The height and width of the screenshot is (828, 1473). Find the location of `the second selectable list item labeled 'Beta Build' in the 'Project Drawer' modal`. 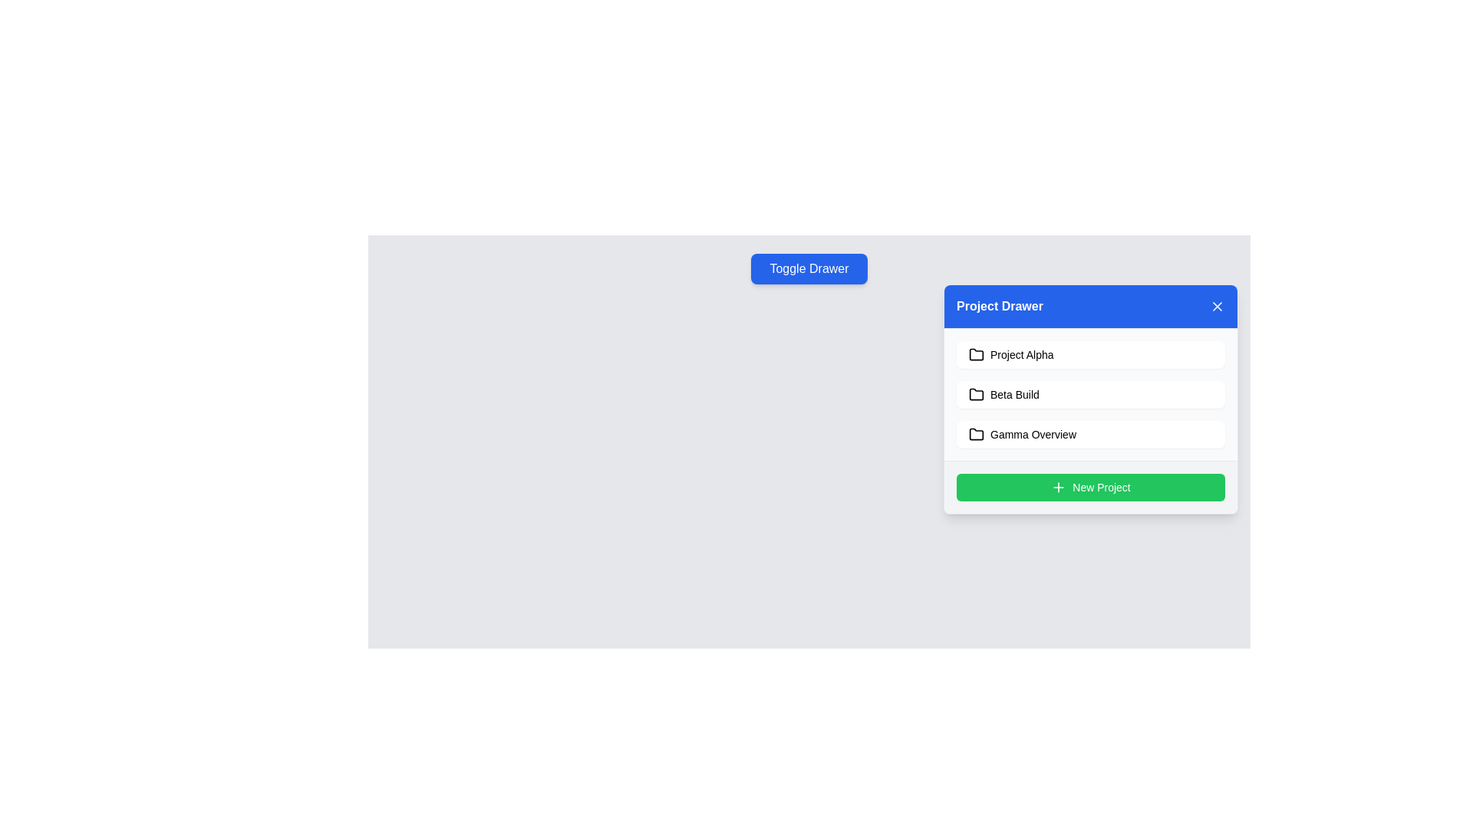

the second selectable list item labeled 'Beta Build' in the 'Project Drawer' modal is located at coordinates (1089, 394).